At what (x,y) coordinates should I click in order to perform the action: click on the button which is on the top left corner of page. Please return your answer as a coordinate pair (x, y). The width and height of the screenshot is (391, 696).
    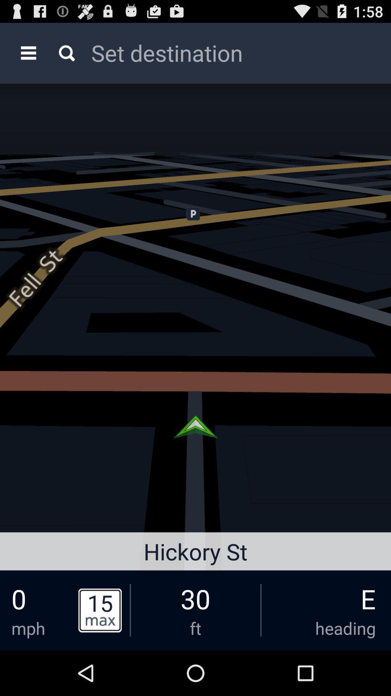
    Looking at the image, I should click on (28, 52).